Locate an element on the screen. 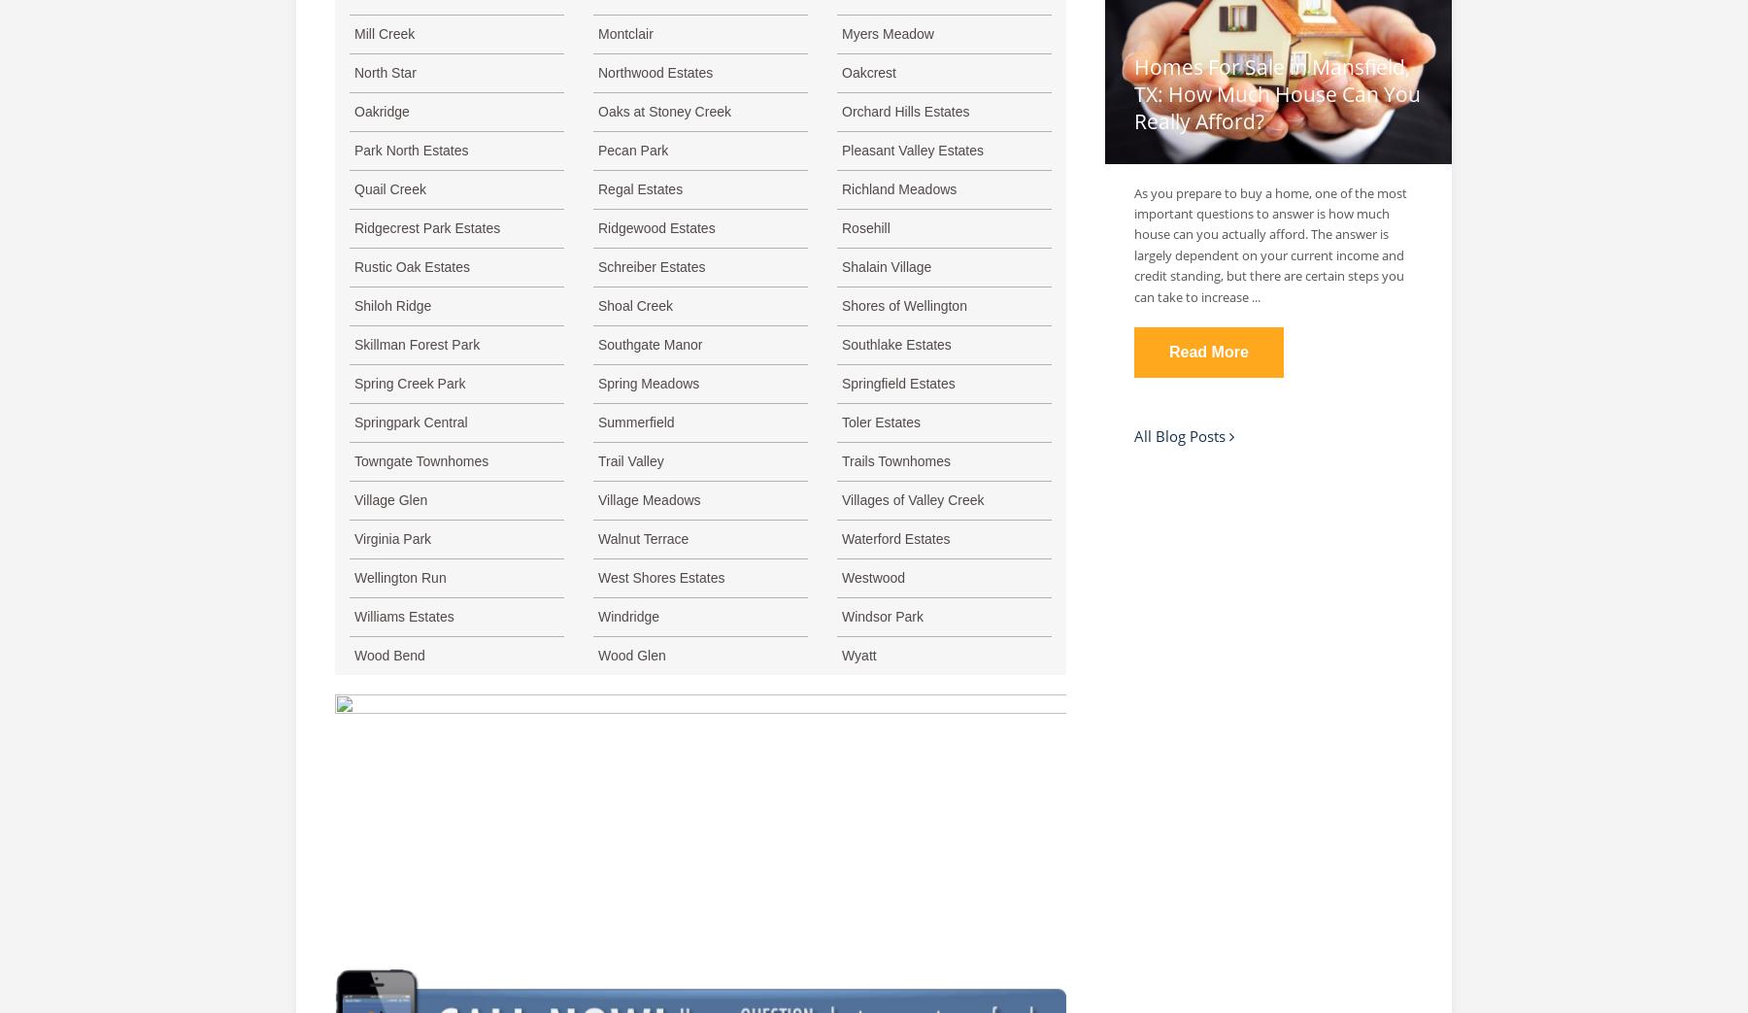 This screenshot has width=1748, height=1013. 'Orchard Hills Estates' is located at coordinates (904, 112).